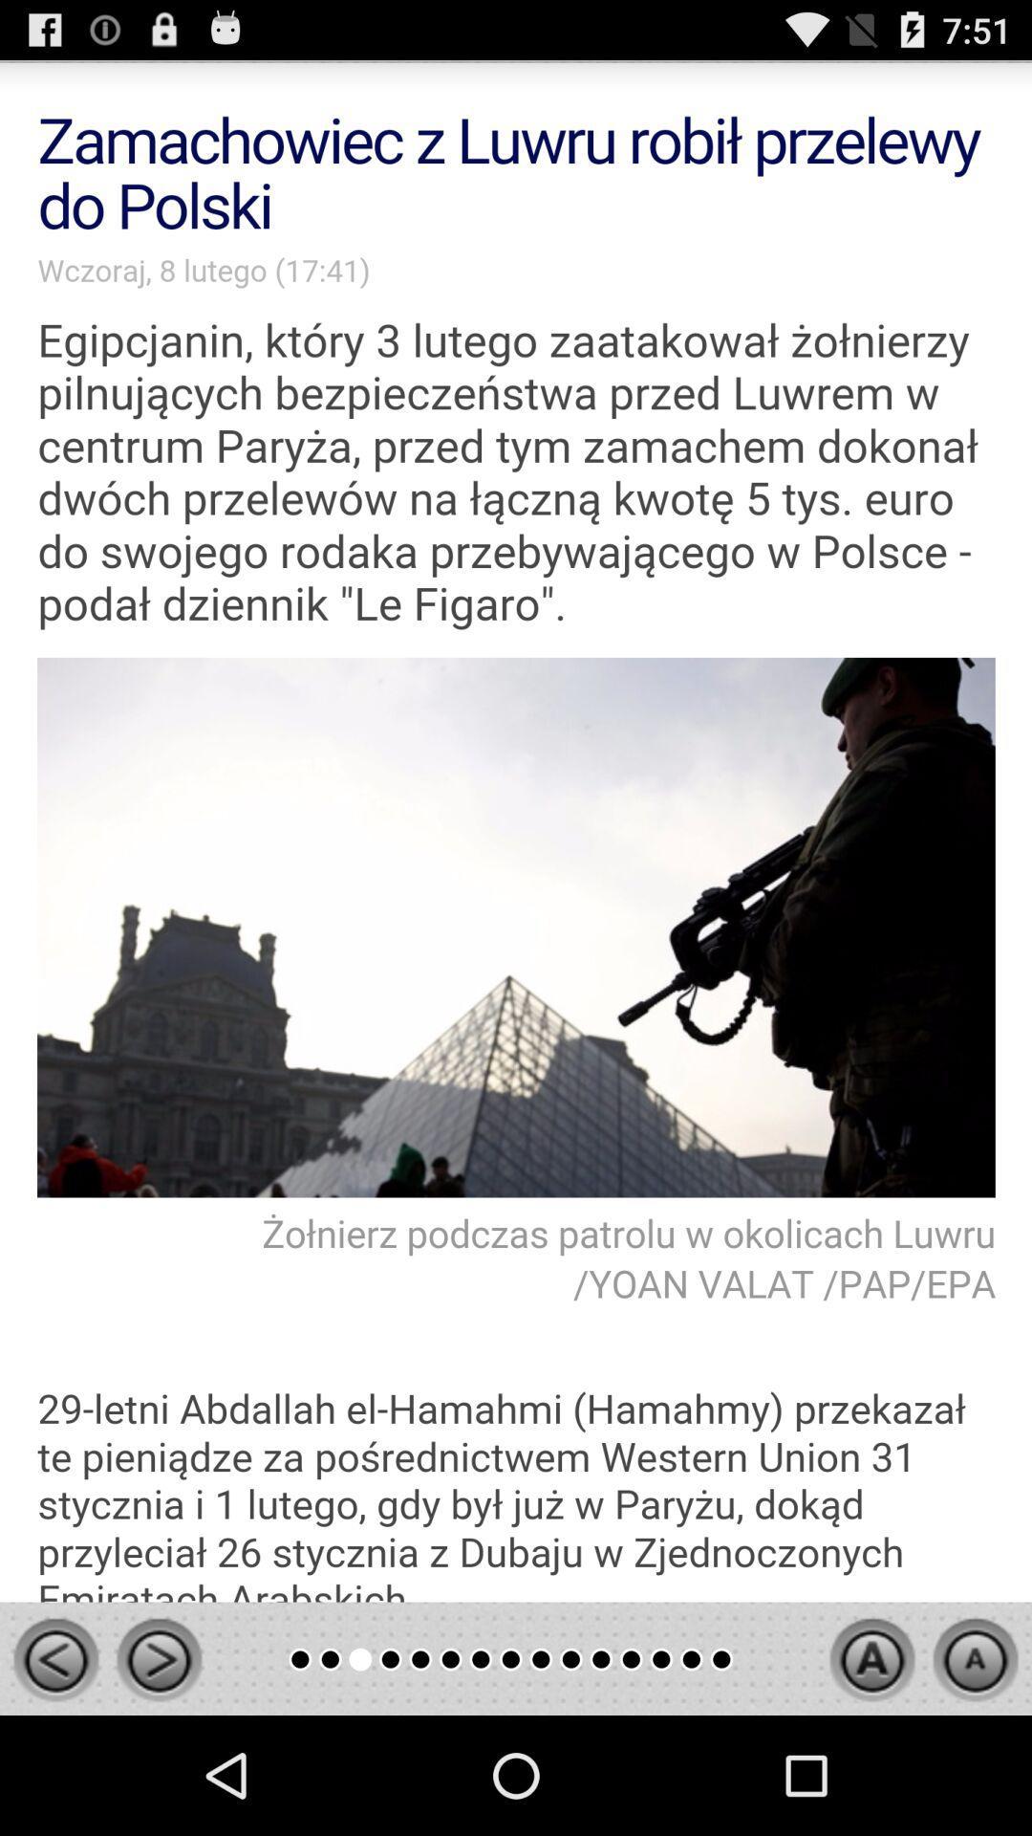 The width and height of the screenshot is (1032, 1836). What do you see at coordinates (160, 1776) in the screenshot?
I see `the arrow_forward icon` at bounding box center [160, 1776].